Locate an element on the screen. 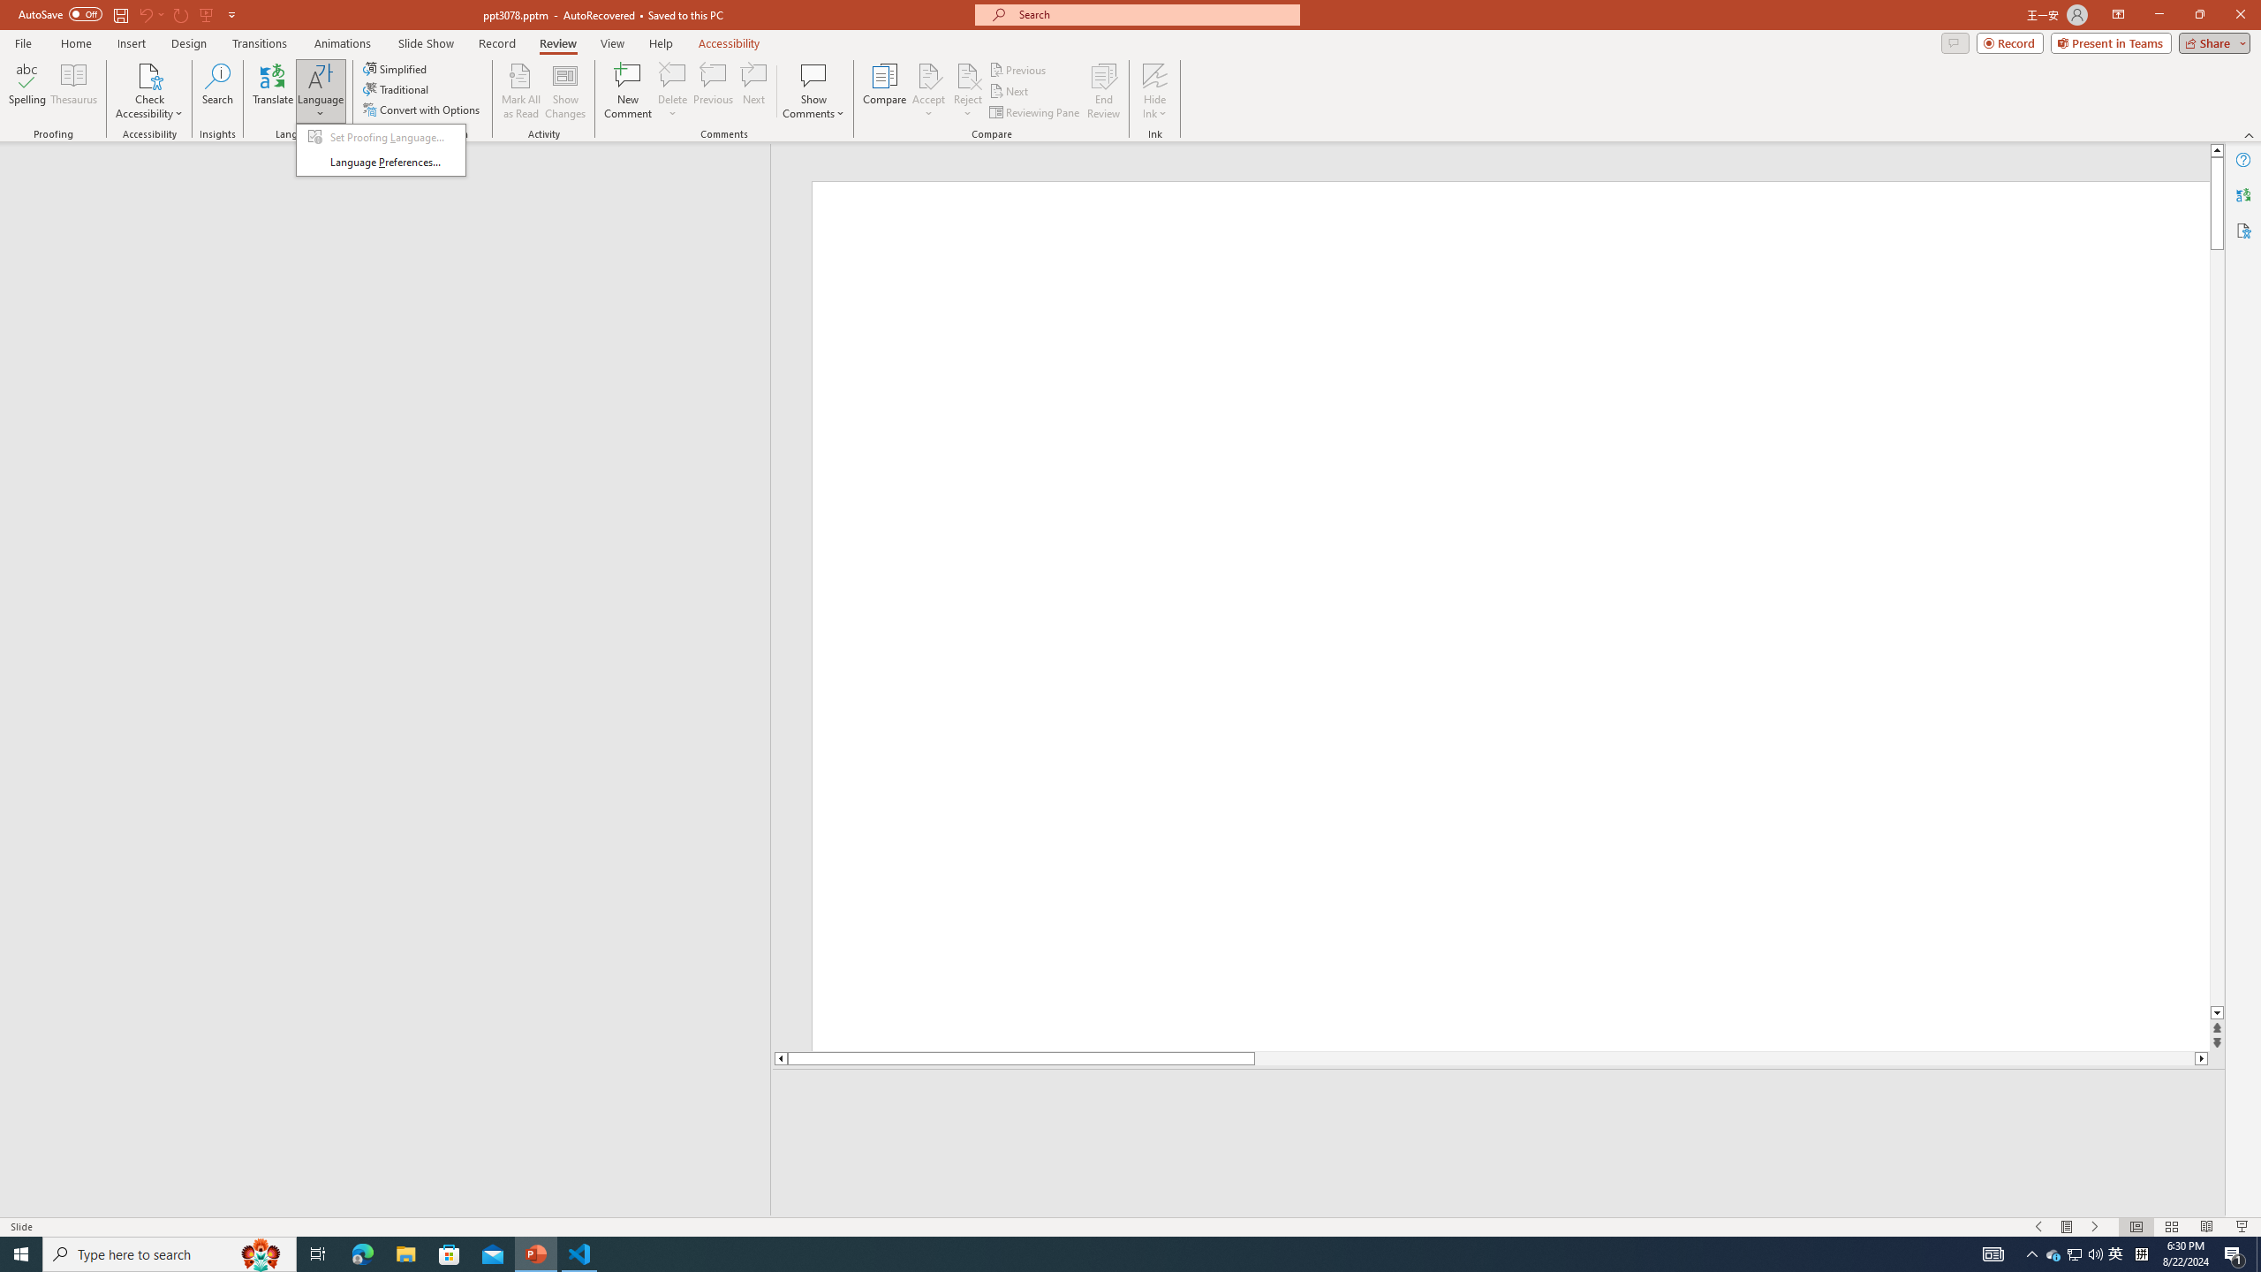 The height and width of the screenshot is (1272, 2261). 'Compare' is located at coordinates (885, 91).